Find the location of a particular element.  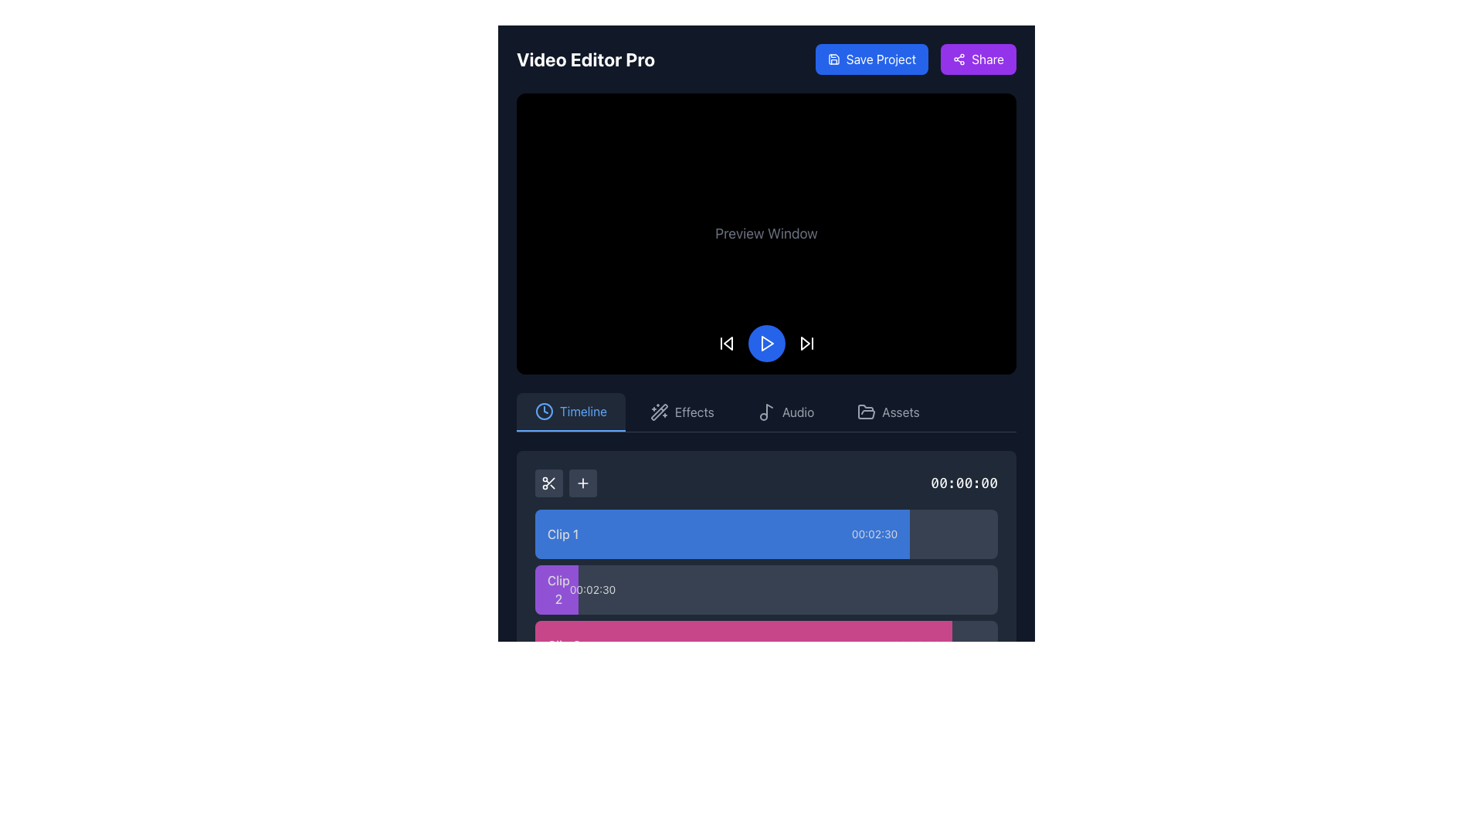

the 'Effects' tab button, which is the second option in the horizontal navigation group, to switch to the Effects section is located at coordinates (681, 411).